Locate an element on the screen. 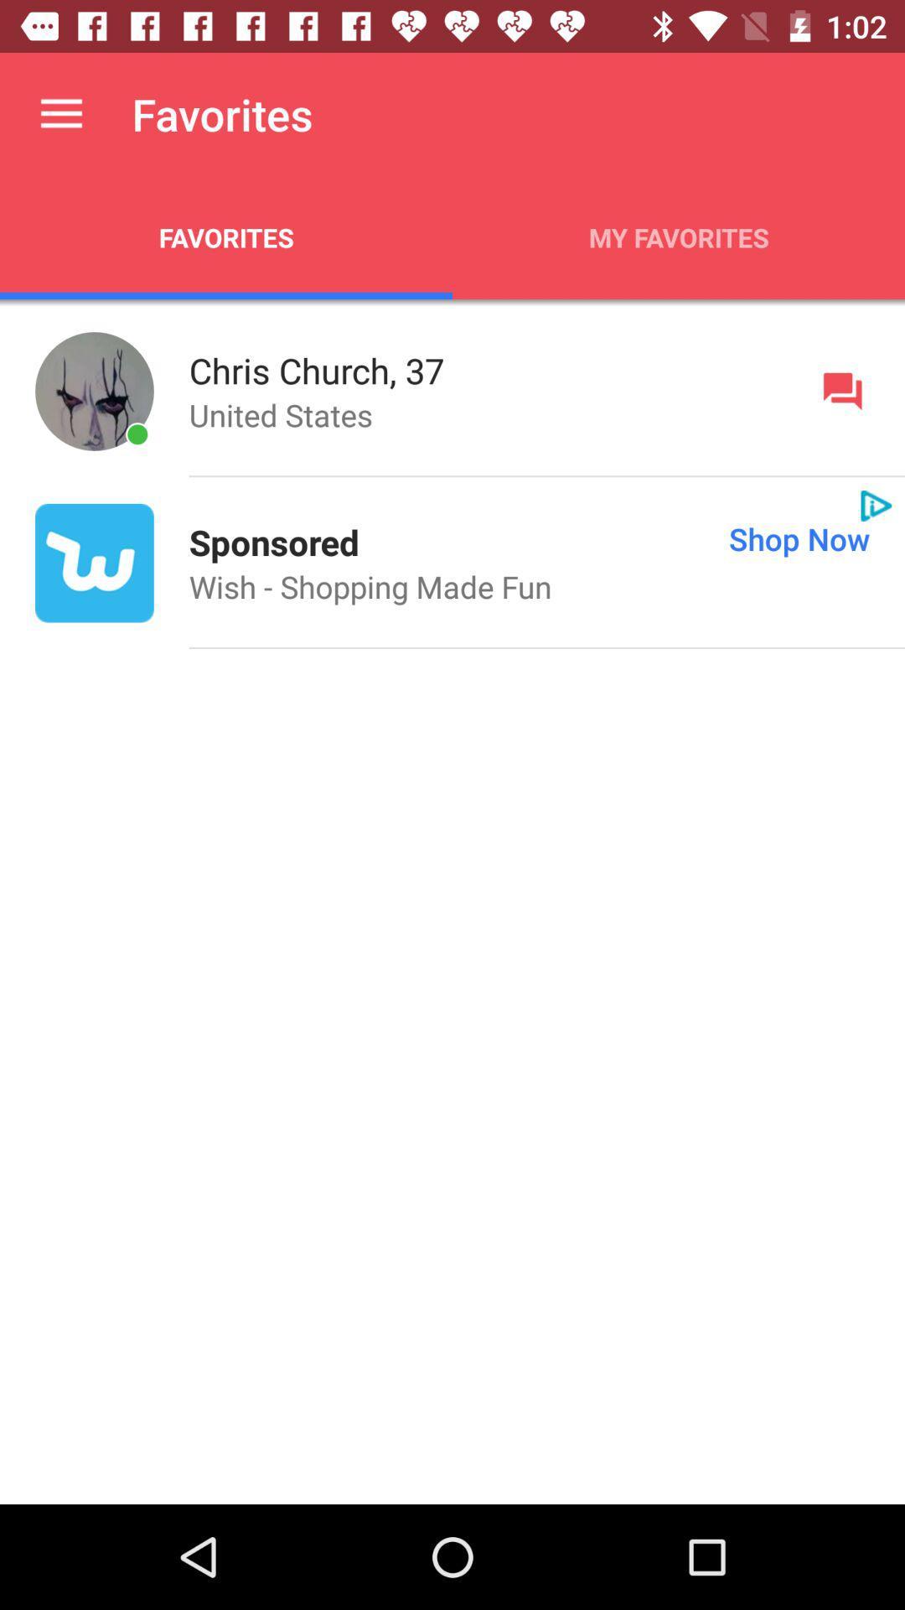  icon next to sponsored icon is located at coordinates (632, 538).